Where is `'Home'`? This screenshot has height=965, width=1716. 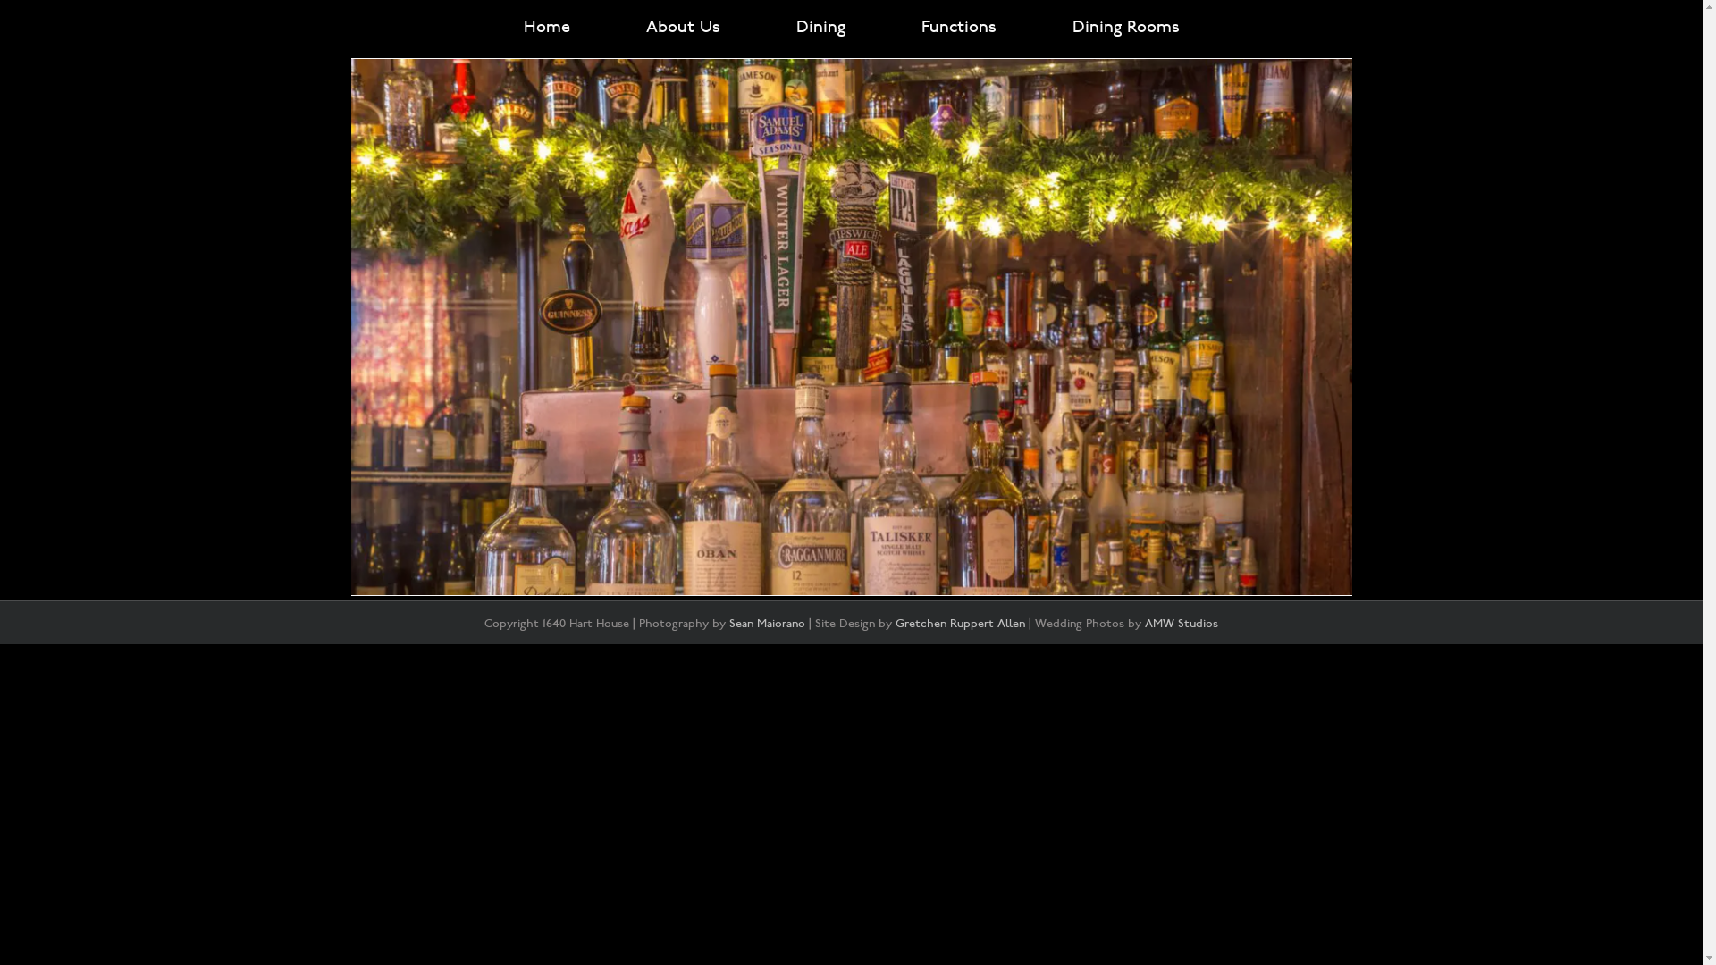 'Home' is located at coordinates (545, 27).